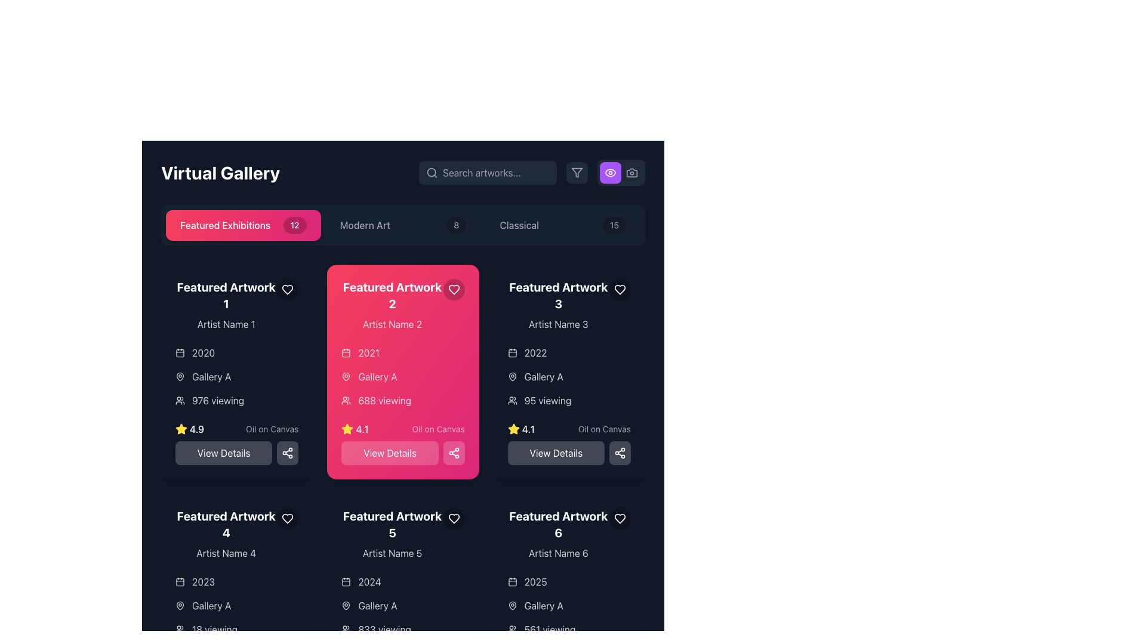 The image size is (1146, 644). Describe the element at coordinates (488, 172) in the screenshot. I see `the Search Input Field located at the top-right portion of the page` at that location.